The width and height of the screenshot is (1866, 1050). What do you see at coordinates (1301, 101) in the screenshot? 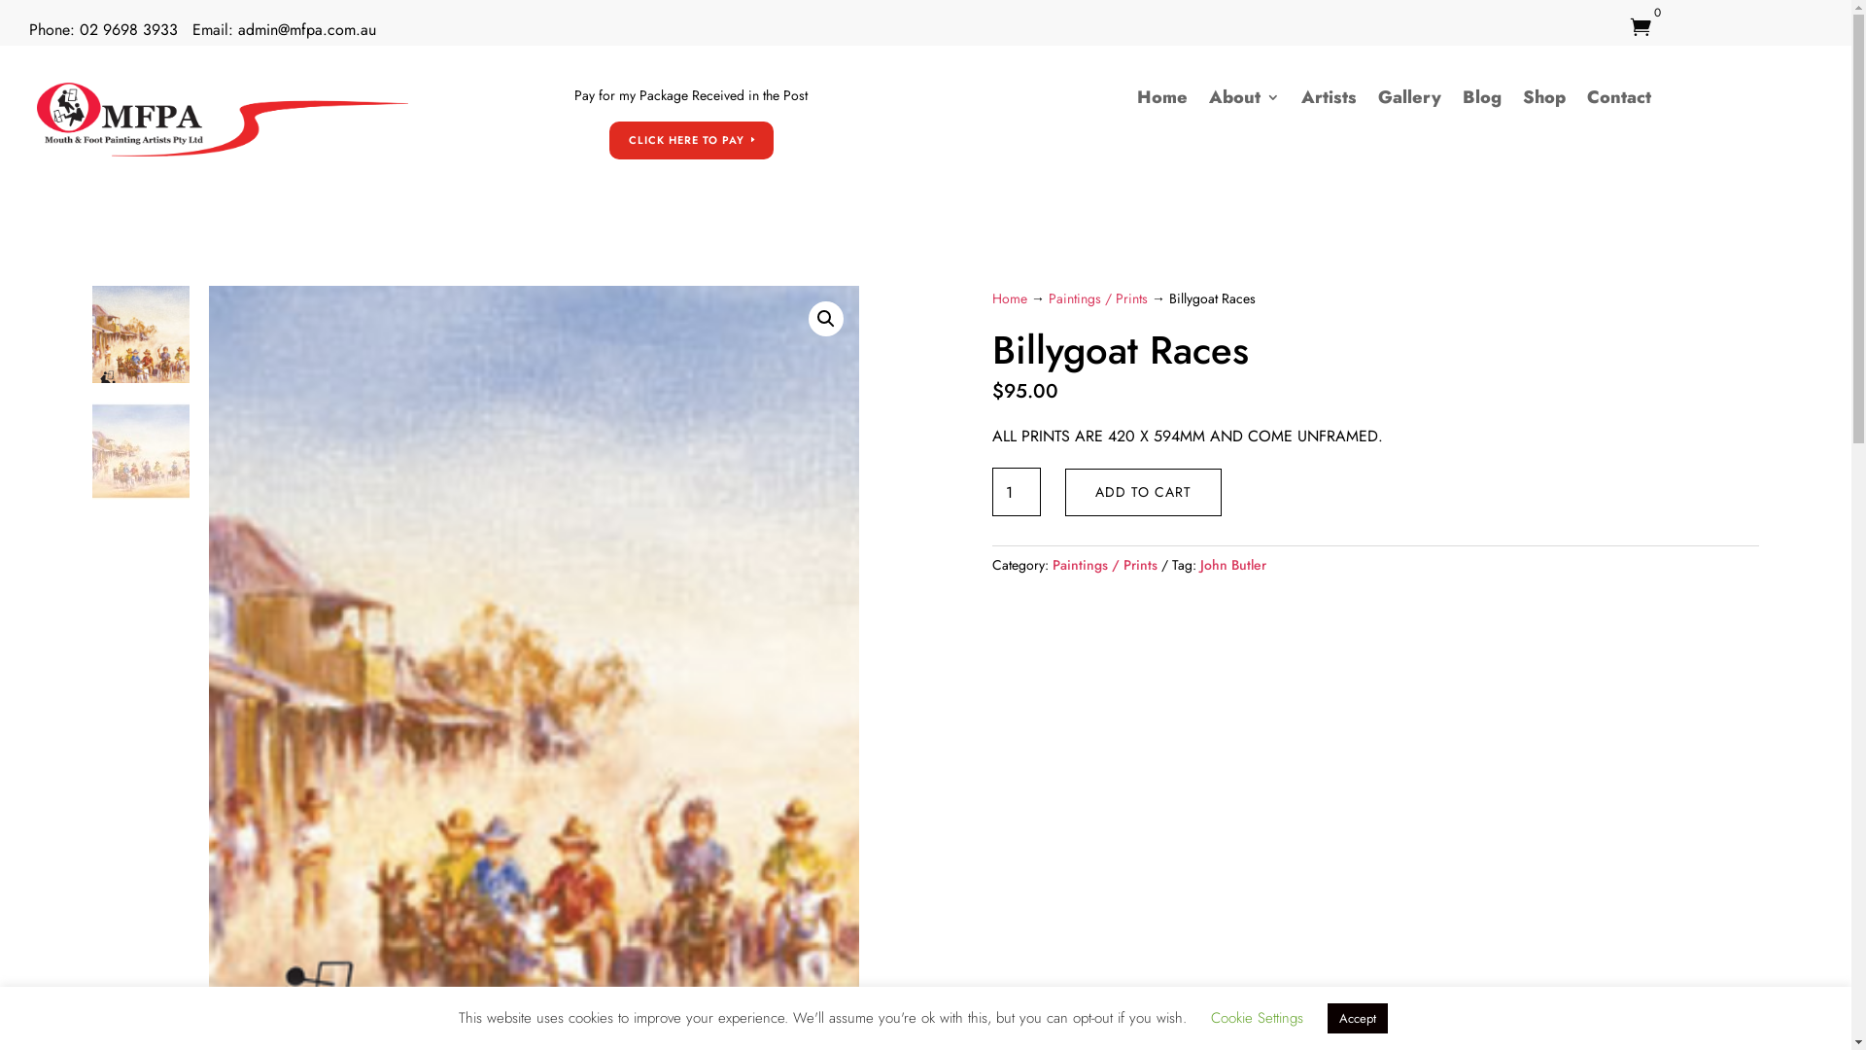
I see `'Artists'` at bounding box center [1301, 101].